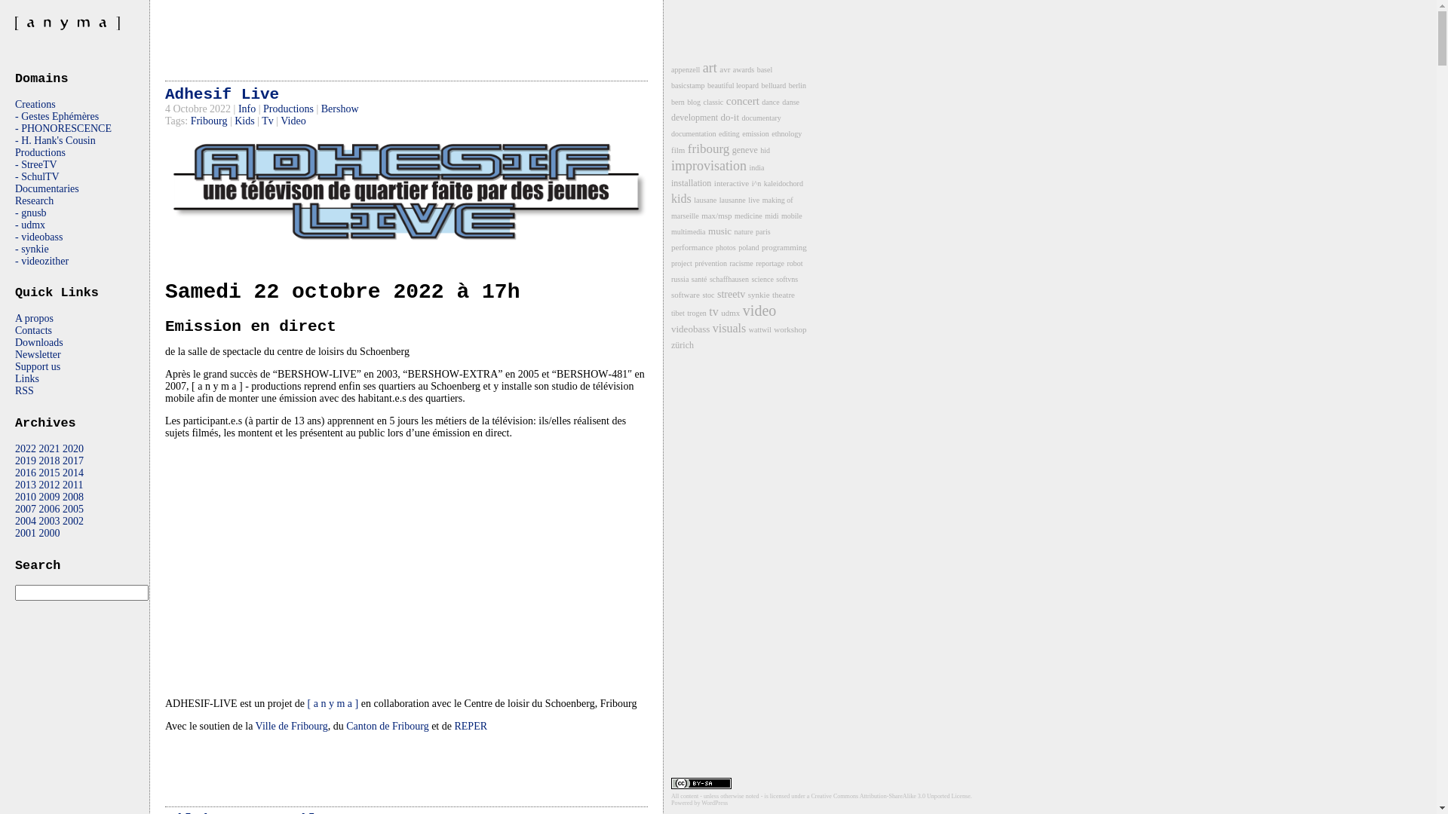 Image resolution: width=1448 pixels, height=814 pixels. Describe the element at coordinates (345, 725) in the screenshot. I see `'Canton de Fribourg'` at that location.